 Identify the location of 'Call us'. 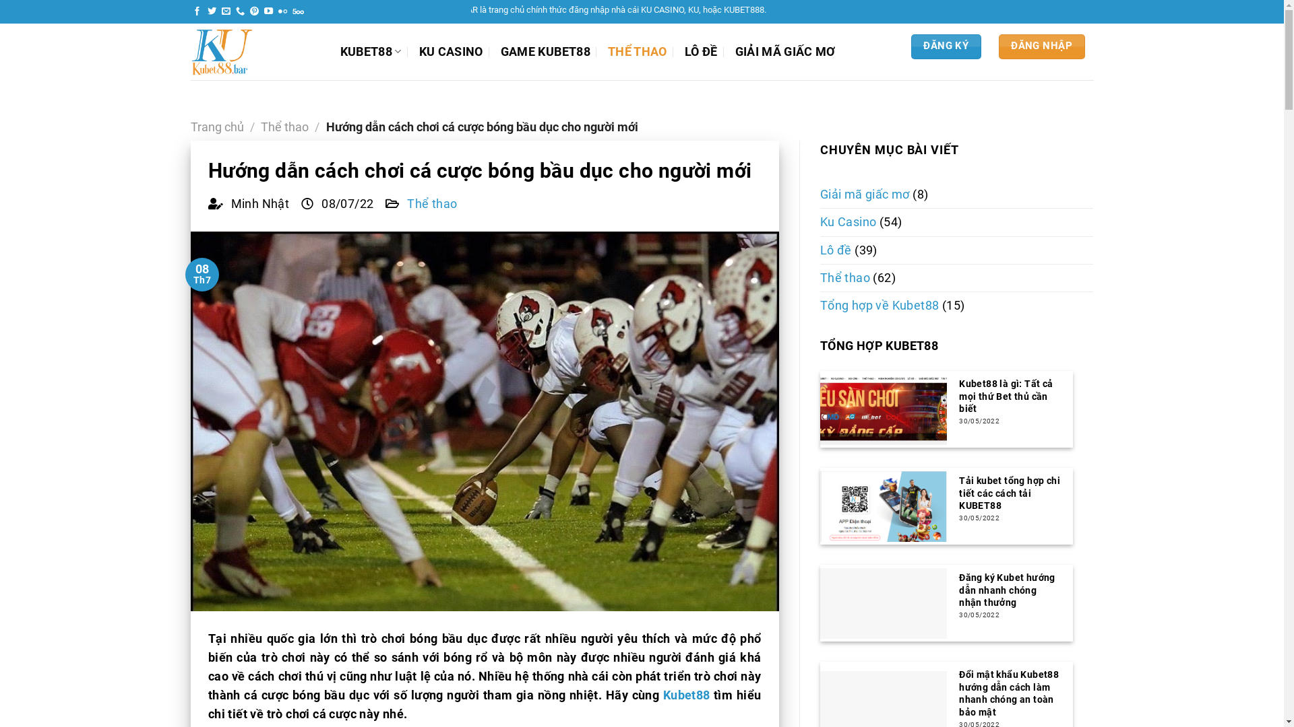
(240, 11).